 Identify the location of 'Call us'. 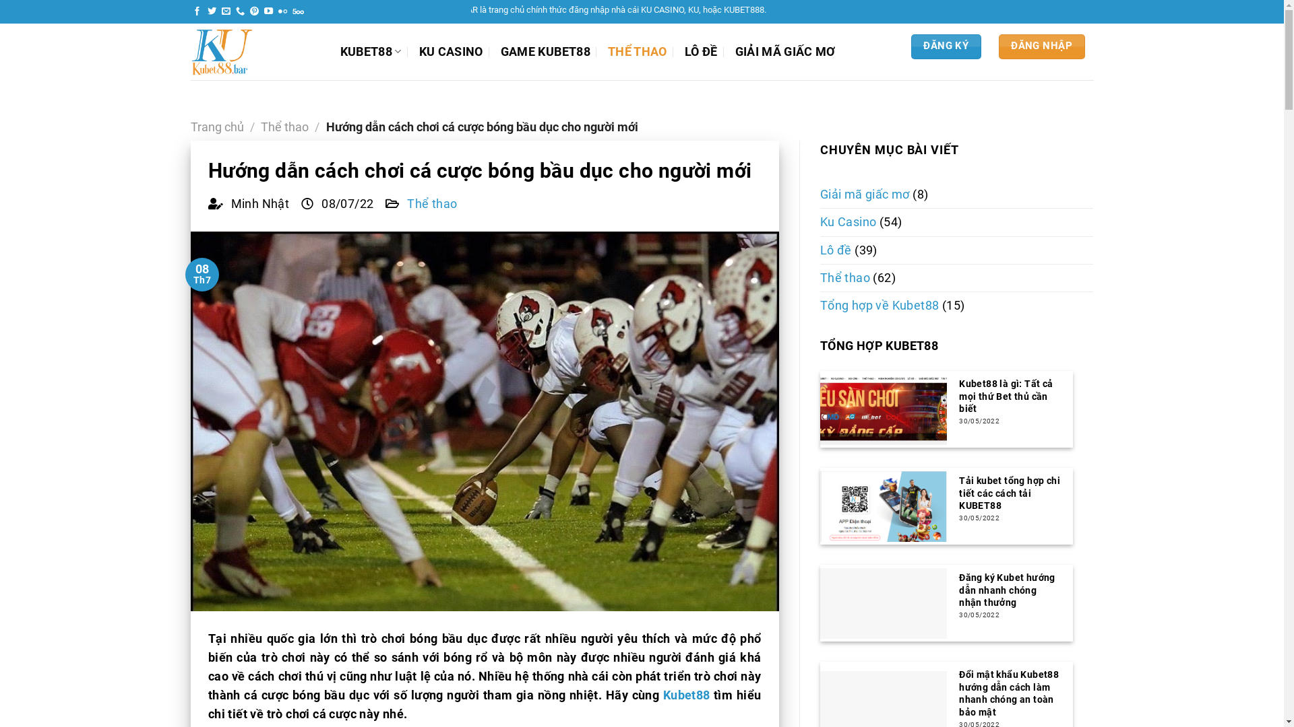
(240, 11).